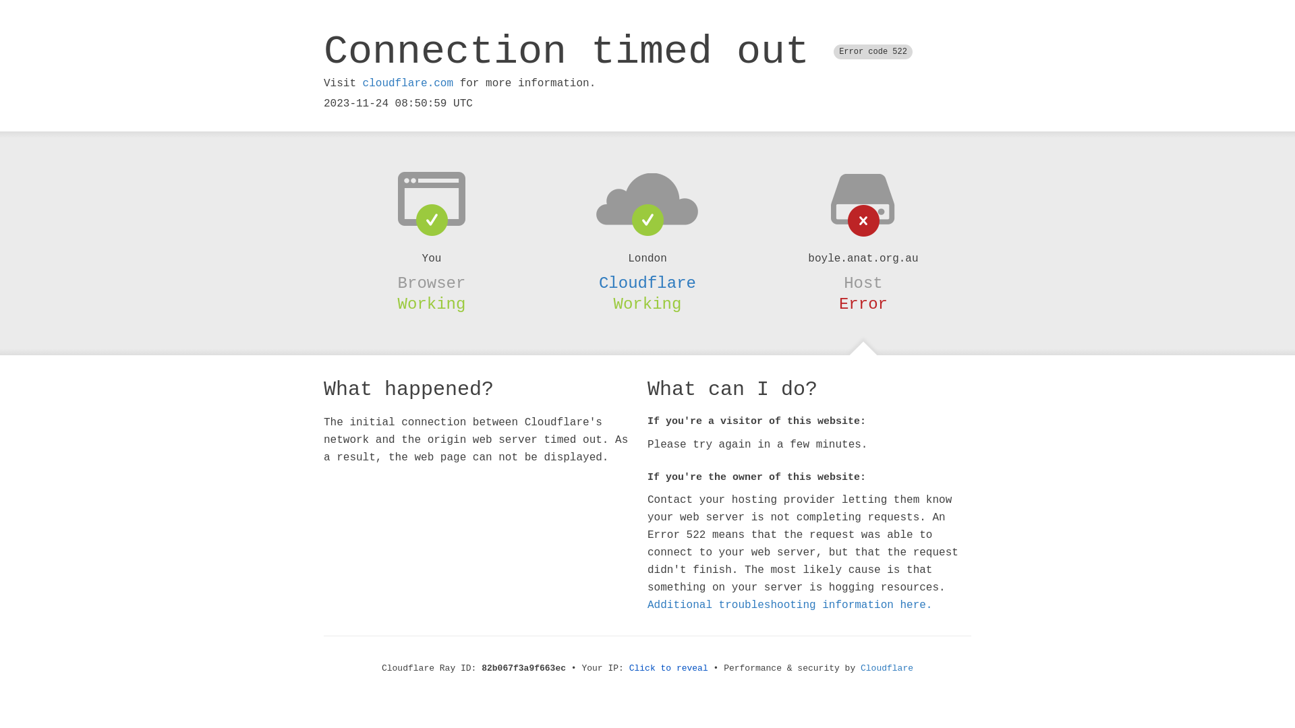 Image resolution: width=1295 pixels, height=728 pixels. What do you see at coordinates (887, 668) in the screenshot?
I see `'Cloudflare'` at bounding box center [887, 668].